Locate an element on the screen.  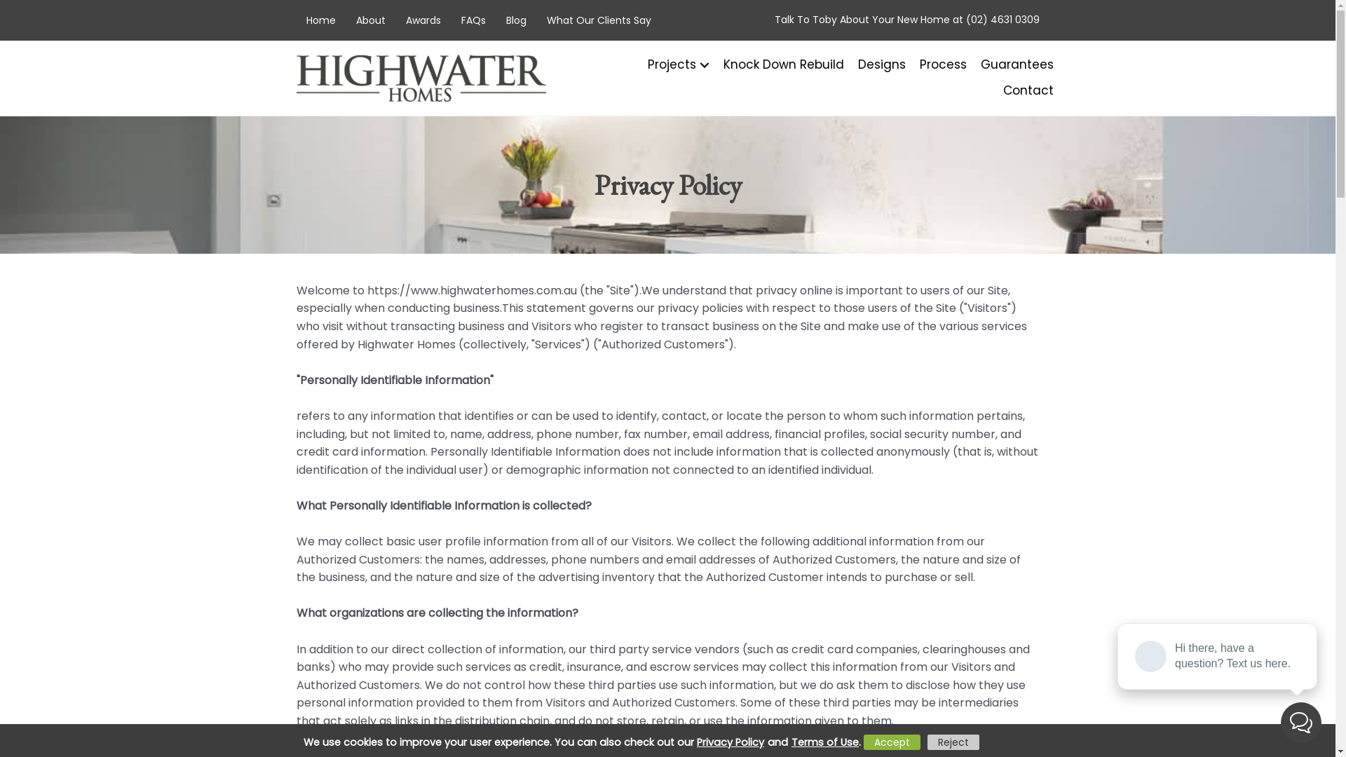
'Accept' is located at coordinates (891, 742).